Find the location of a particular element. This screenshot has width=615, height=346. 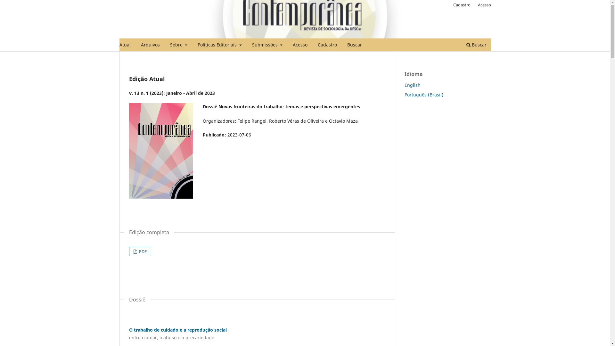

'English' is located at coordinates (412, 85).